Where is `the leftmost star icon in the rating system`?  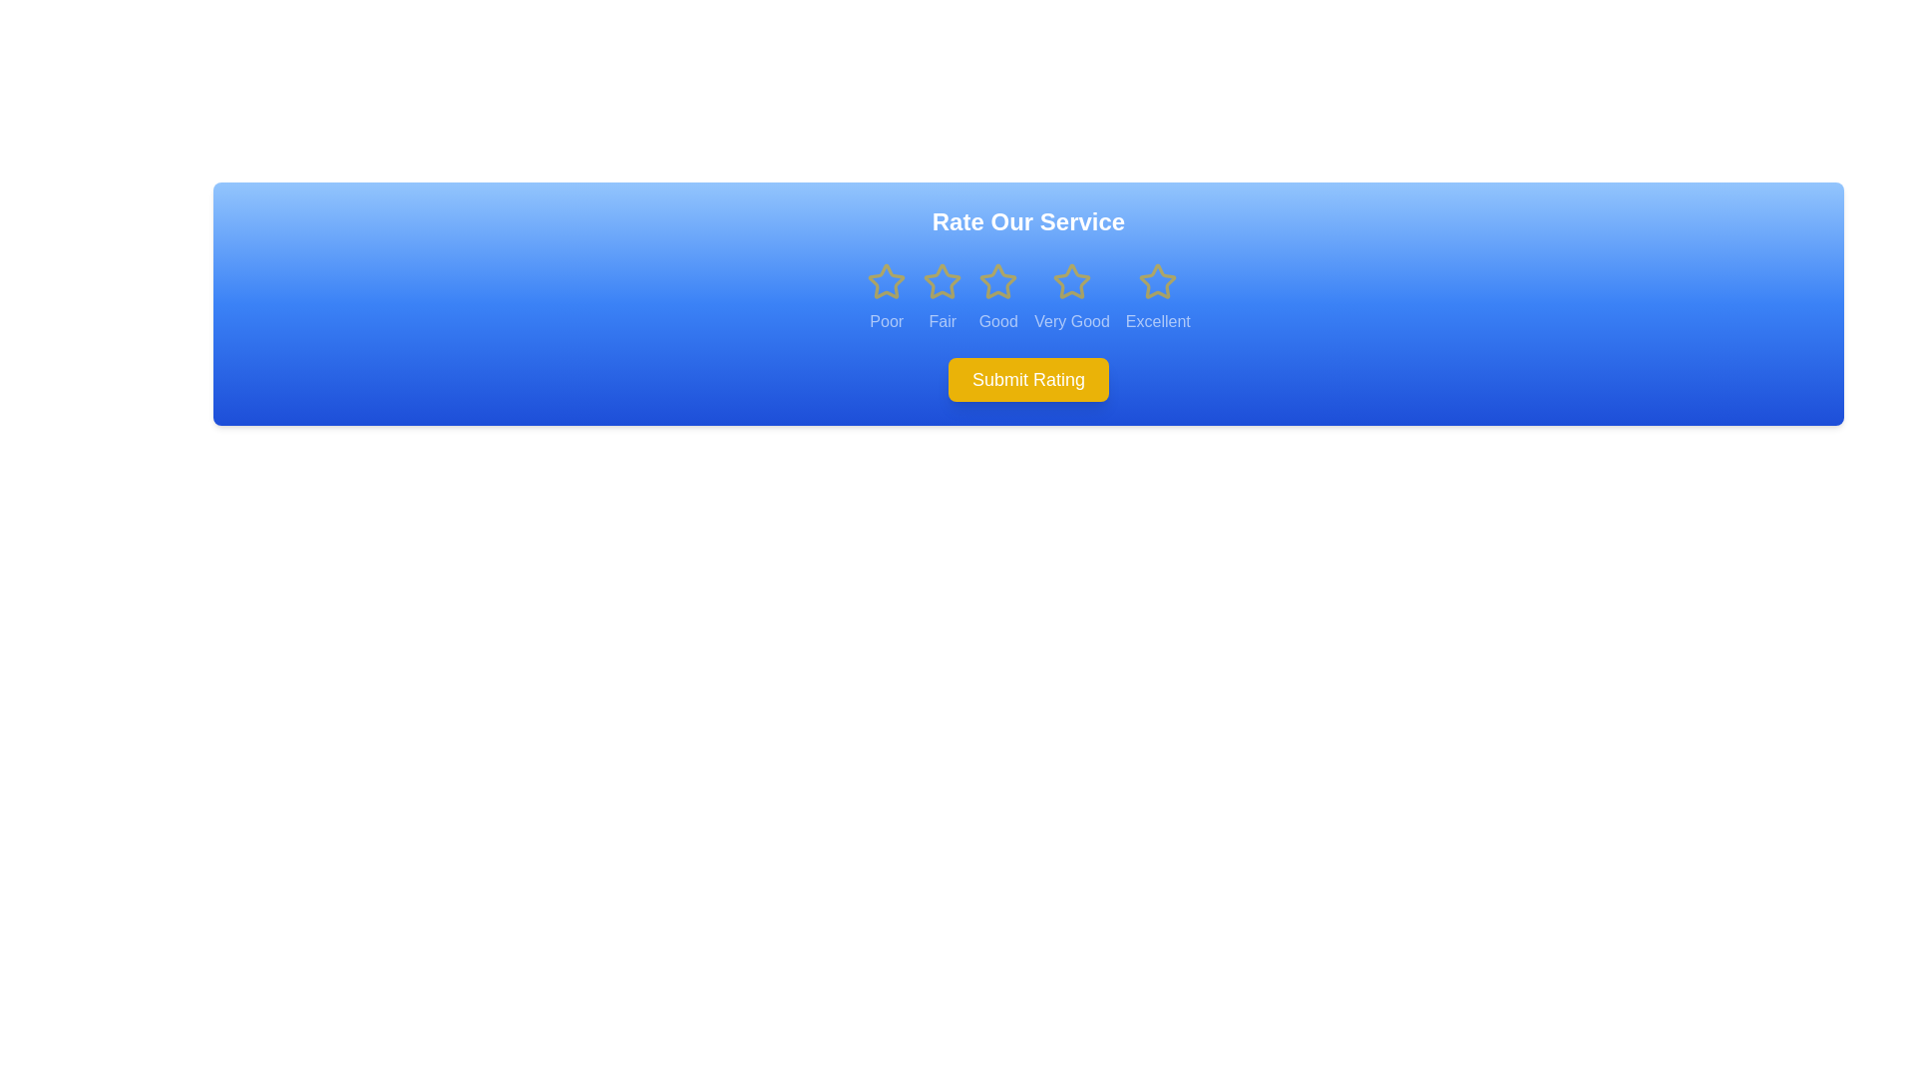
the leftmost star icon in the rating system is located at coordinates (885, 280).